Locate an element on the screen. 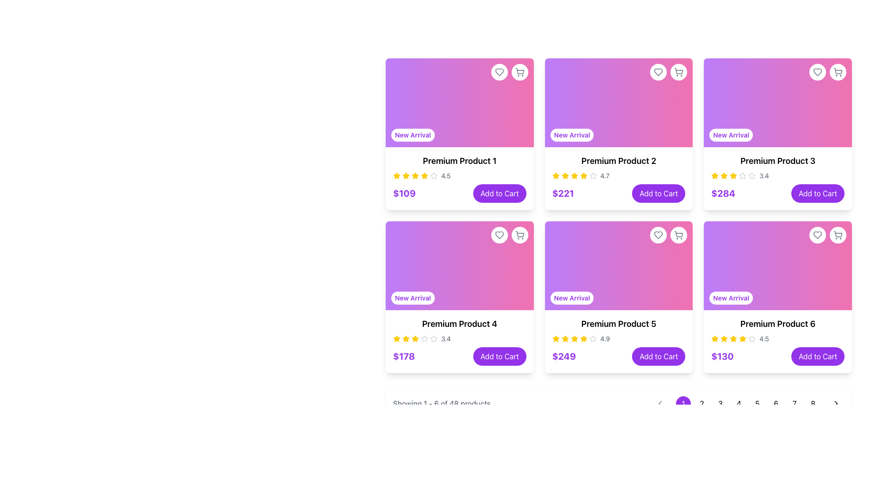  the second star icon in the rating system located within the second product card in the second row, positioned below the product title and above the numerical rating is located at coordinates (593, 175).